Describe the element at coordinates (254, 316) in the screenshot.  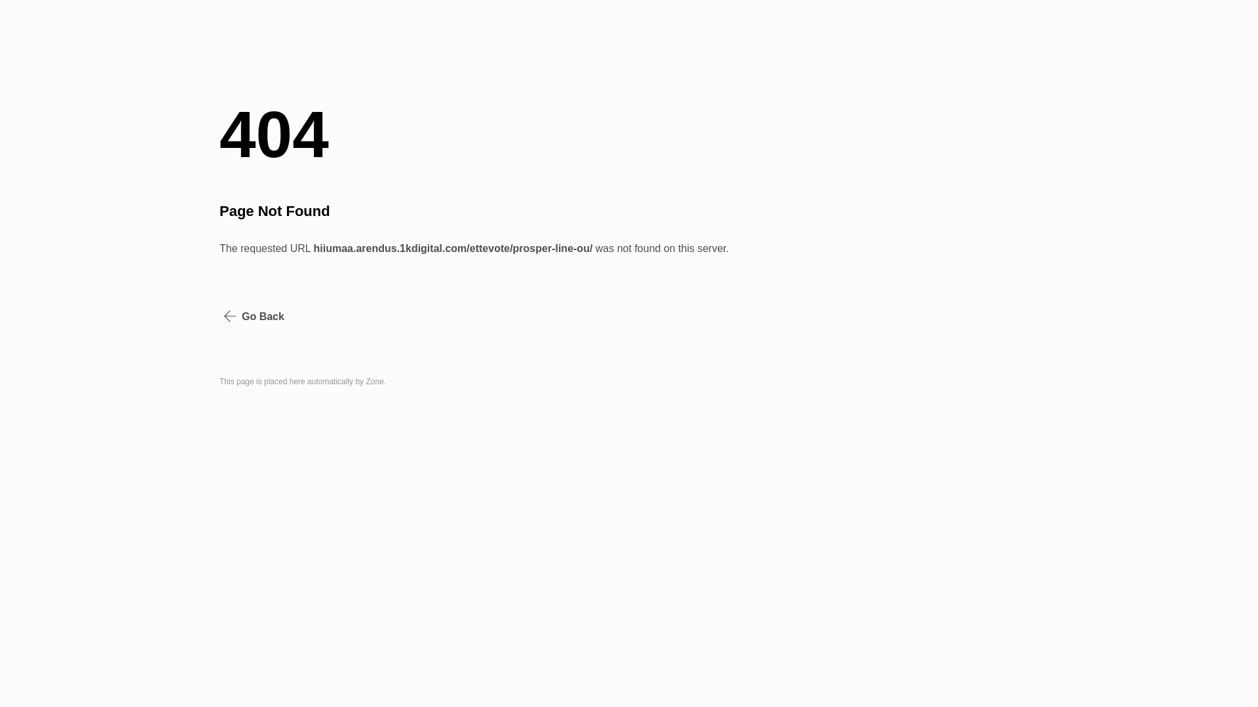
I see `'Go Back'` at that location.